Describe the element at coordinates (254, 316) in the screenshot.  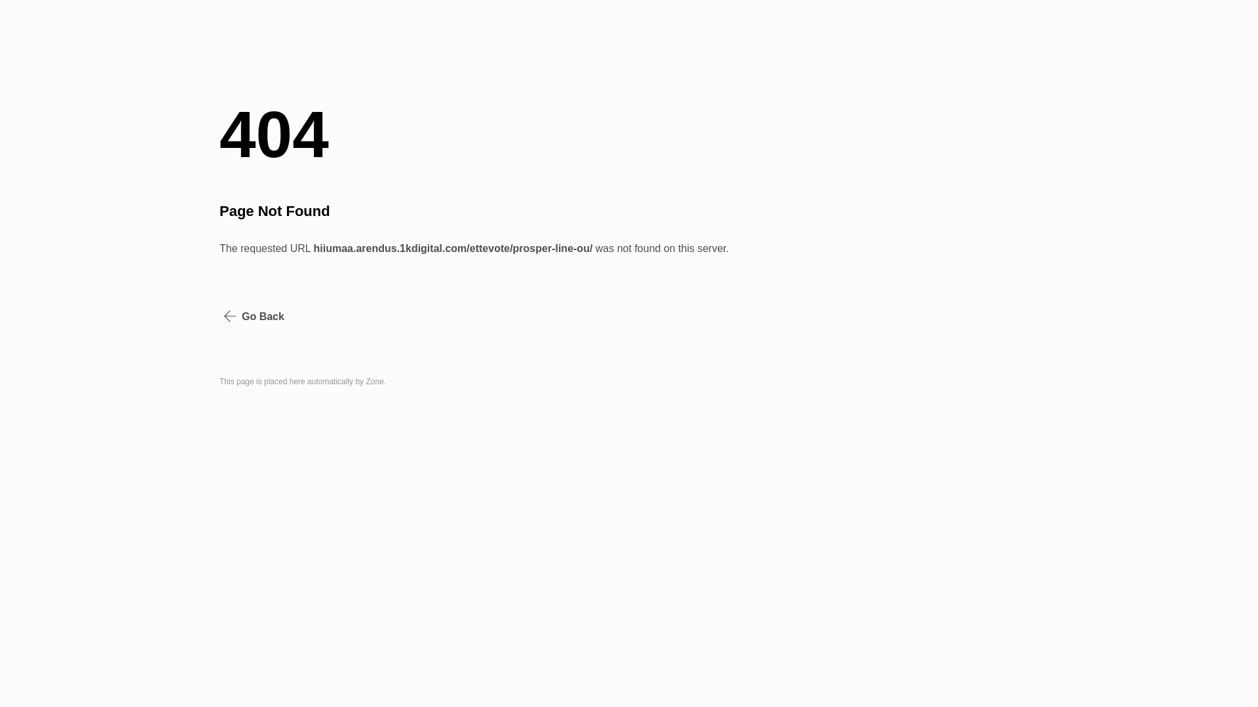
I see `'Go Back'` at that location.